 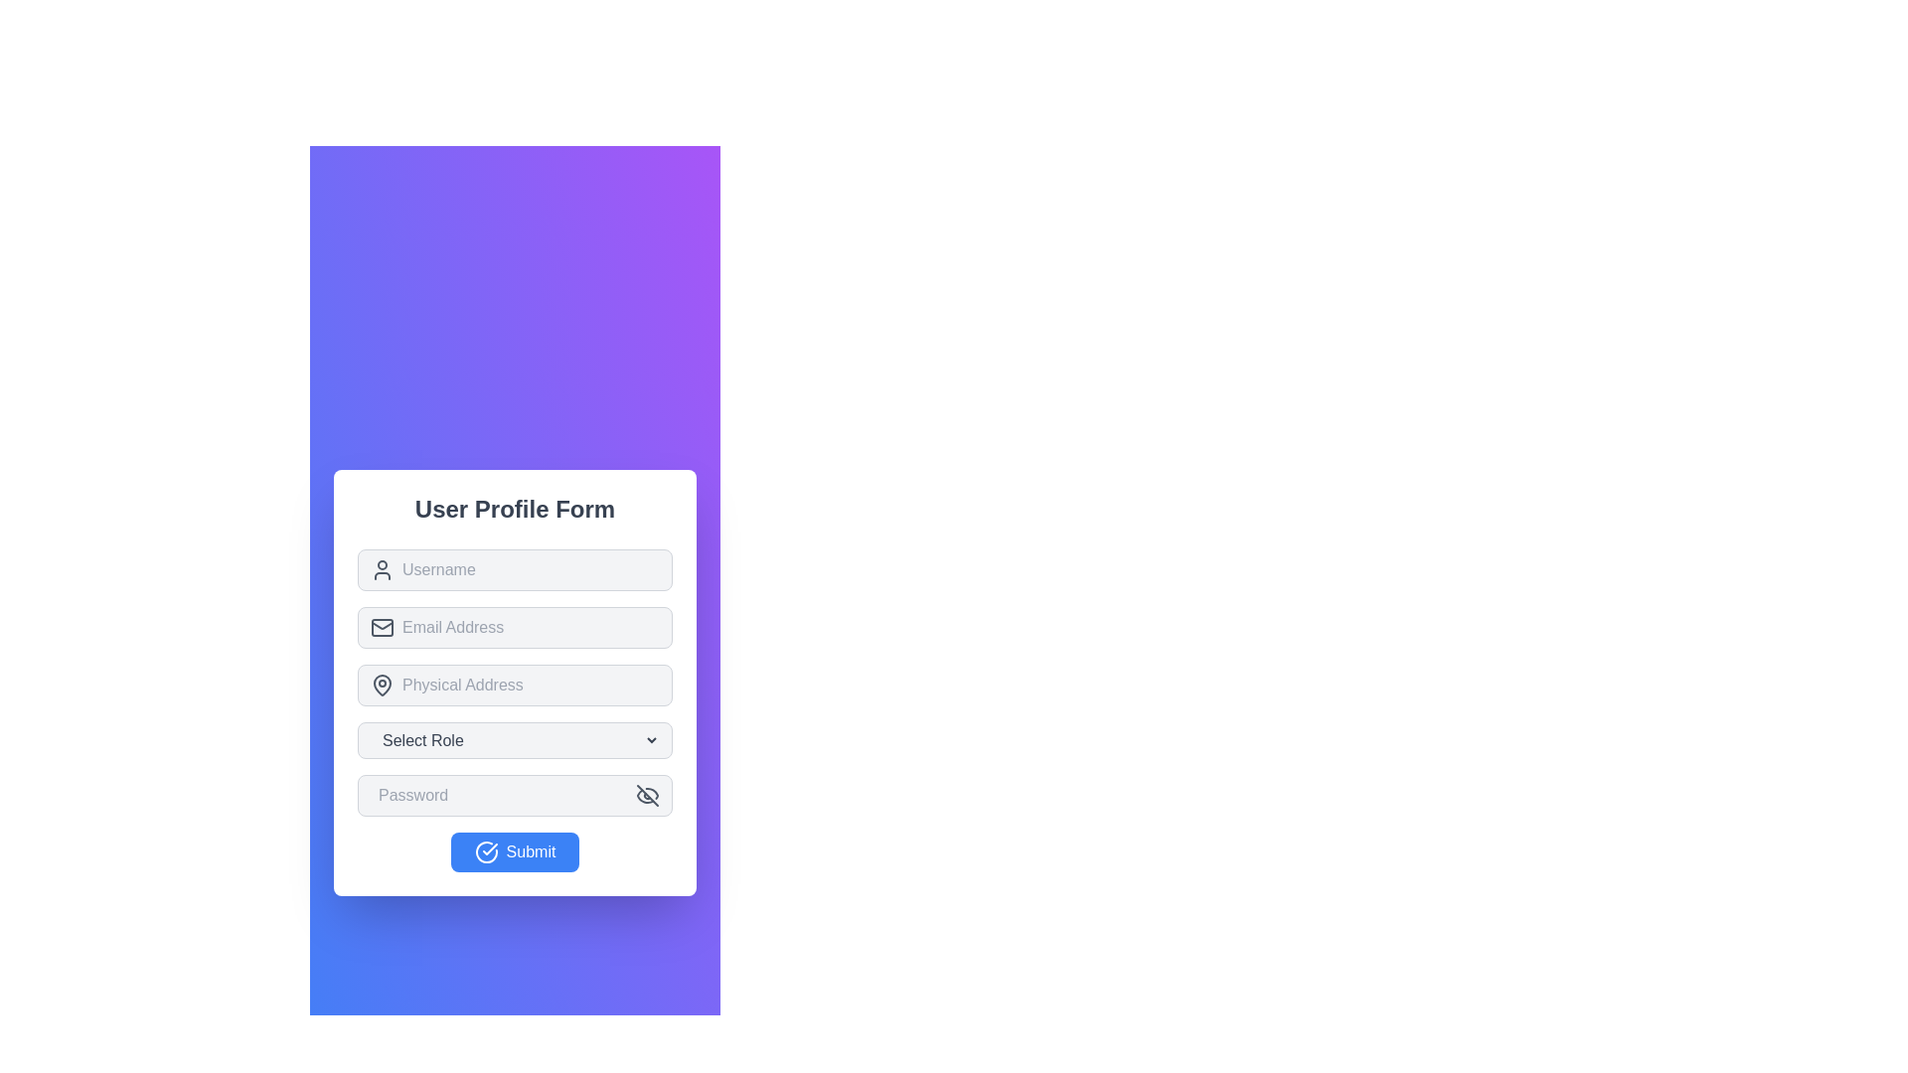 What do you see at coordinates (515, 739) in the screenshot?
I see `the 'Select Role' dropdown menu located` at bounding box center [515, 739].